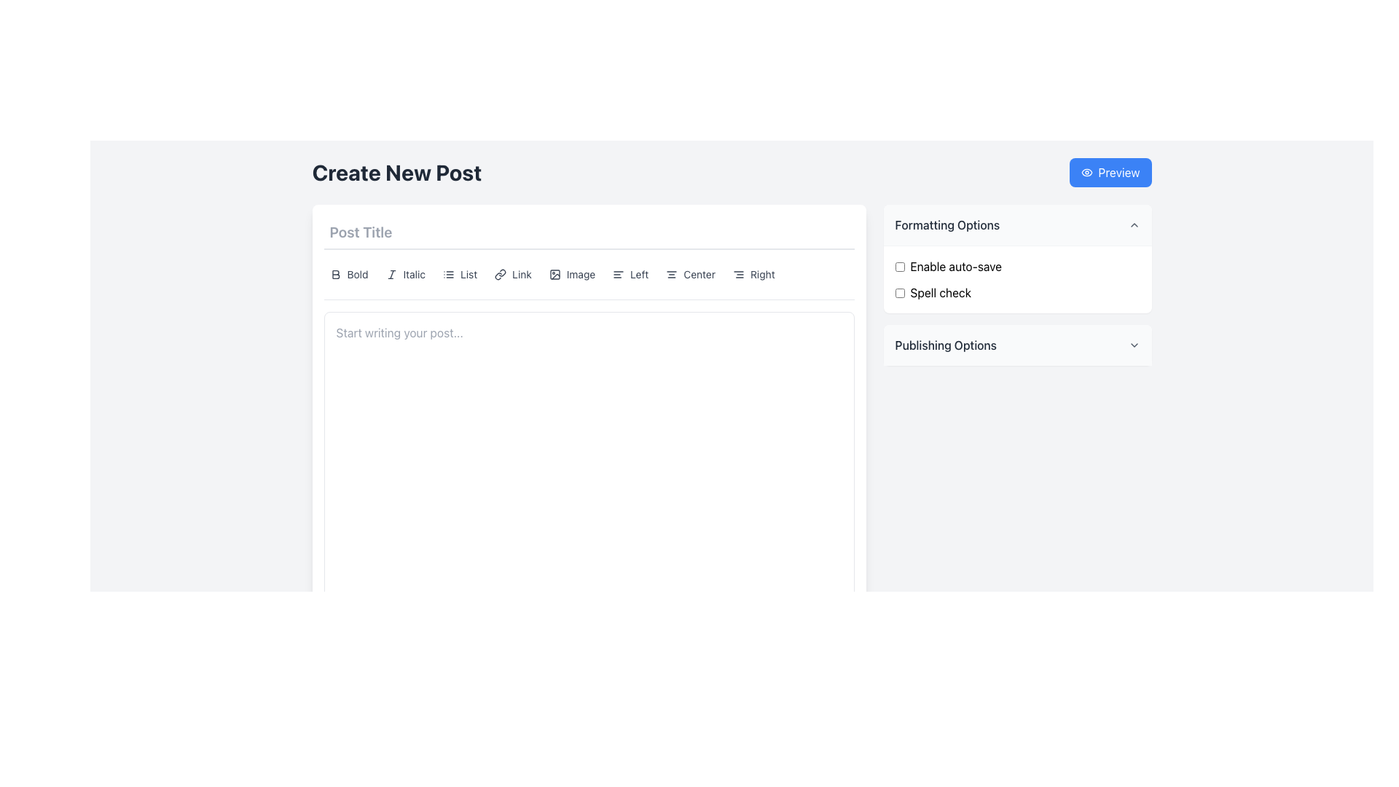 The width and height of the screenshot is (1399, 787). What do you see at coordinates (619, 275) in the screenshot?
I see `the 'Align Left' icon, which is a small symbolic icon with three horizontal lines, located in the toolbar section of the 'Create New Post' interface` at bounding box center [619, 275].